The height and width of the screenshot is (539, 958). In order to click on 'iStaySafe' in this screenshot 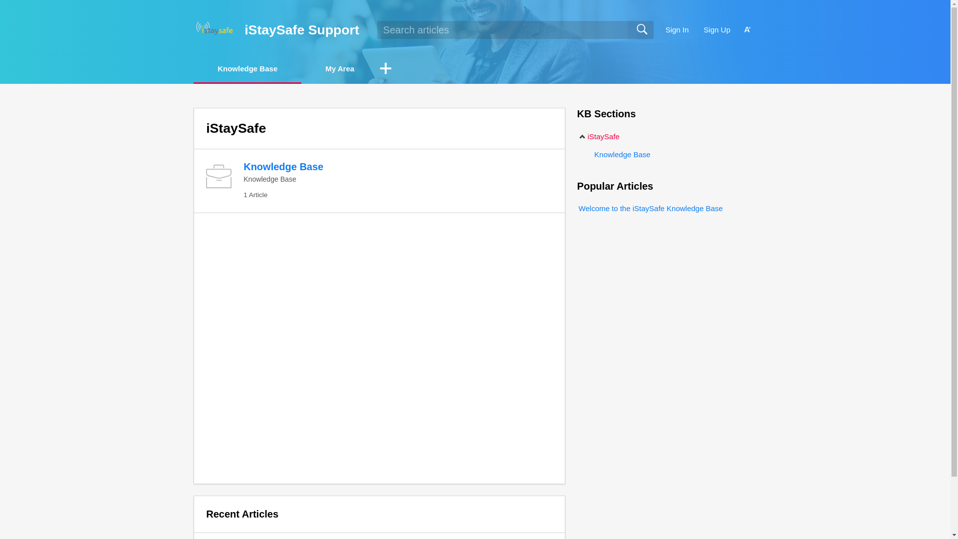, I will do `click(598, 136)`.